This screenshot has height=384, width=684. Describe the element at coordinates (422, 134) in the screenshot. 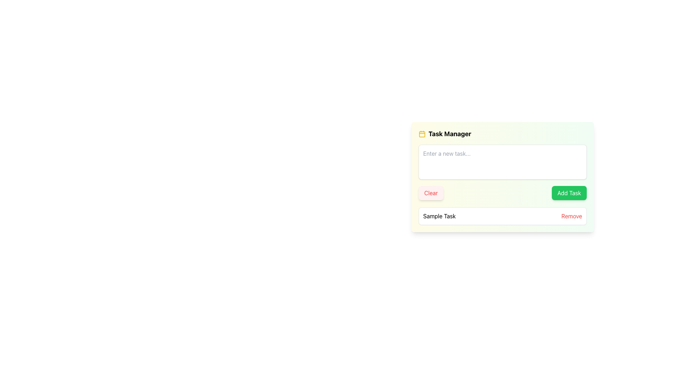

I see `the small rectangular shape with rounded corners inside the yellow calendar icon located to the left of the 'Task Manager' label` at that location.